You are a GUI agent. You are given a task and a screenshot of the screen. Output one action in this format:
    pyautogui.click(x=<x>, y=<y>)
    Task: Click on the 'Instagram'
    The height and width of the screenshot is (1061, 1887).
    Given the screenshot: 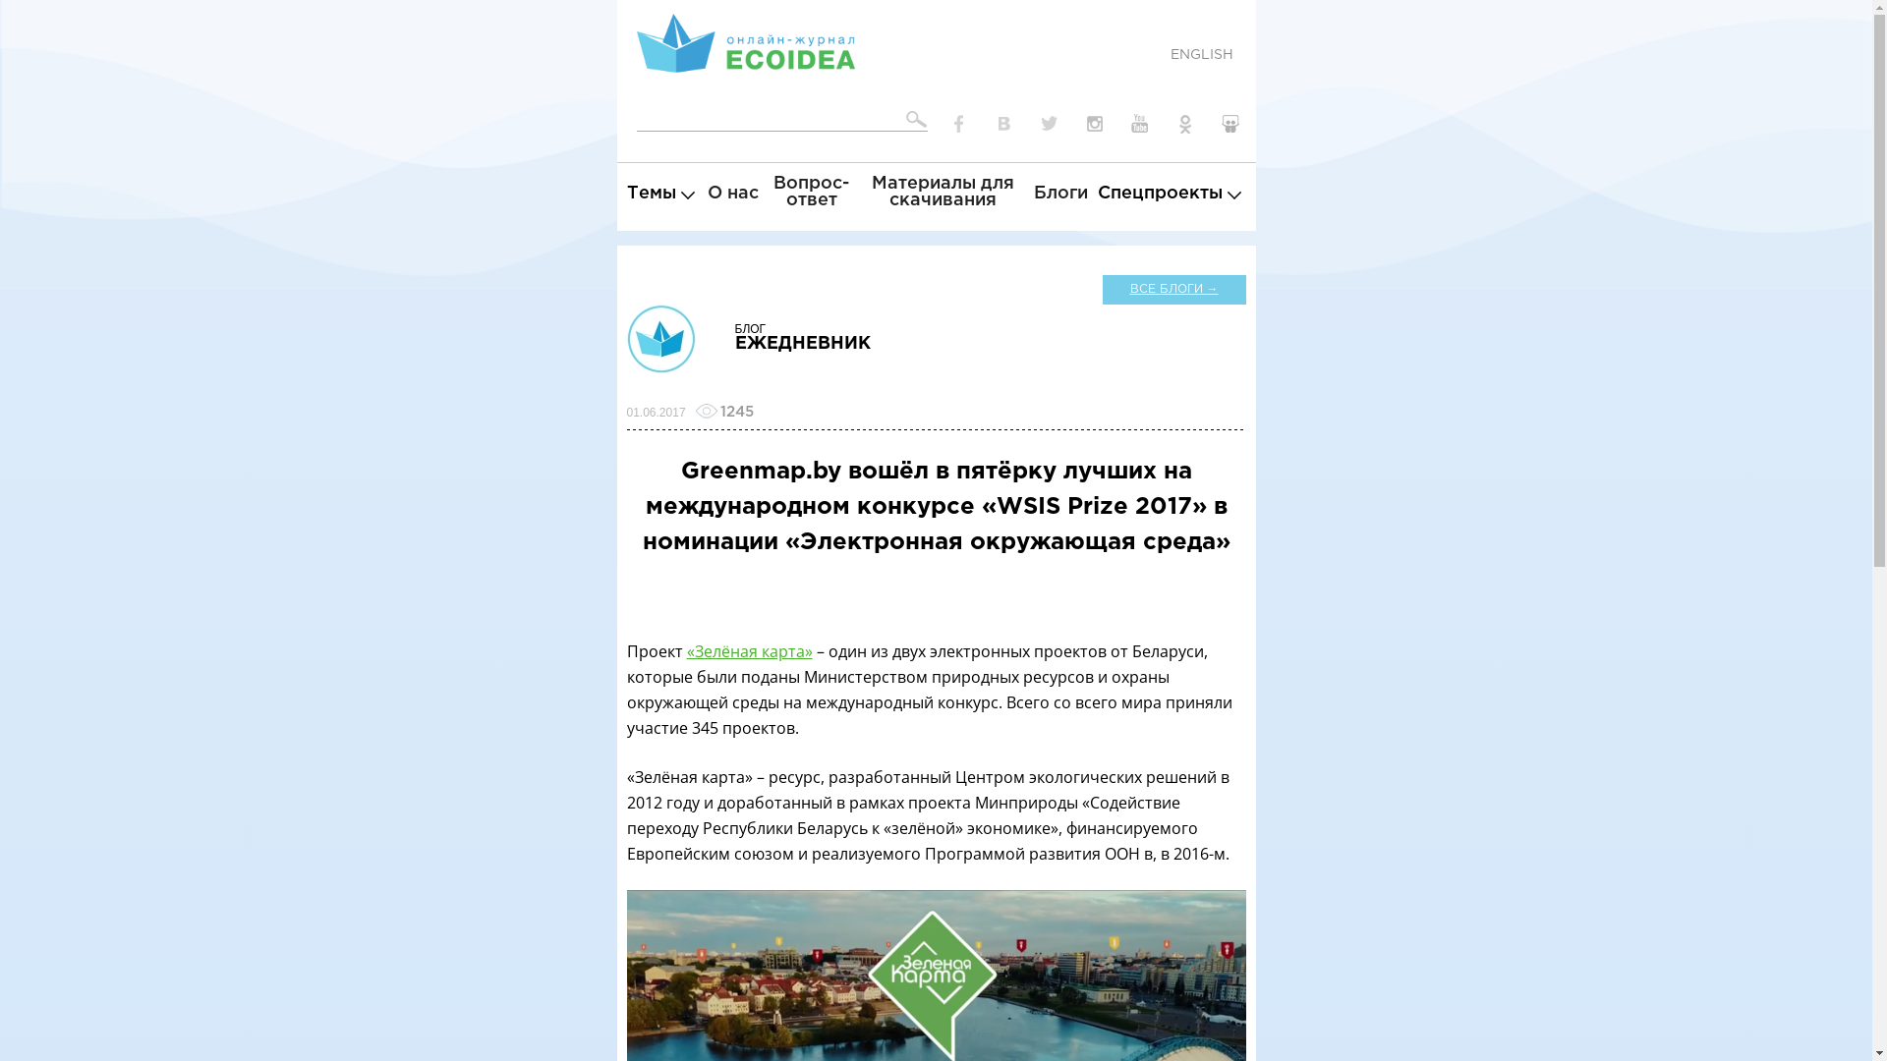 What is the action you would take?
    pyautogui.click(x=1093, y=124)
    